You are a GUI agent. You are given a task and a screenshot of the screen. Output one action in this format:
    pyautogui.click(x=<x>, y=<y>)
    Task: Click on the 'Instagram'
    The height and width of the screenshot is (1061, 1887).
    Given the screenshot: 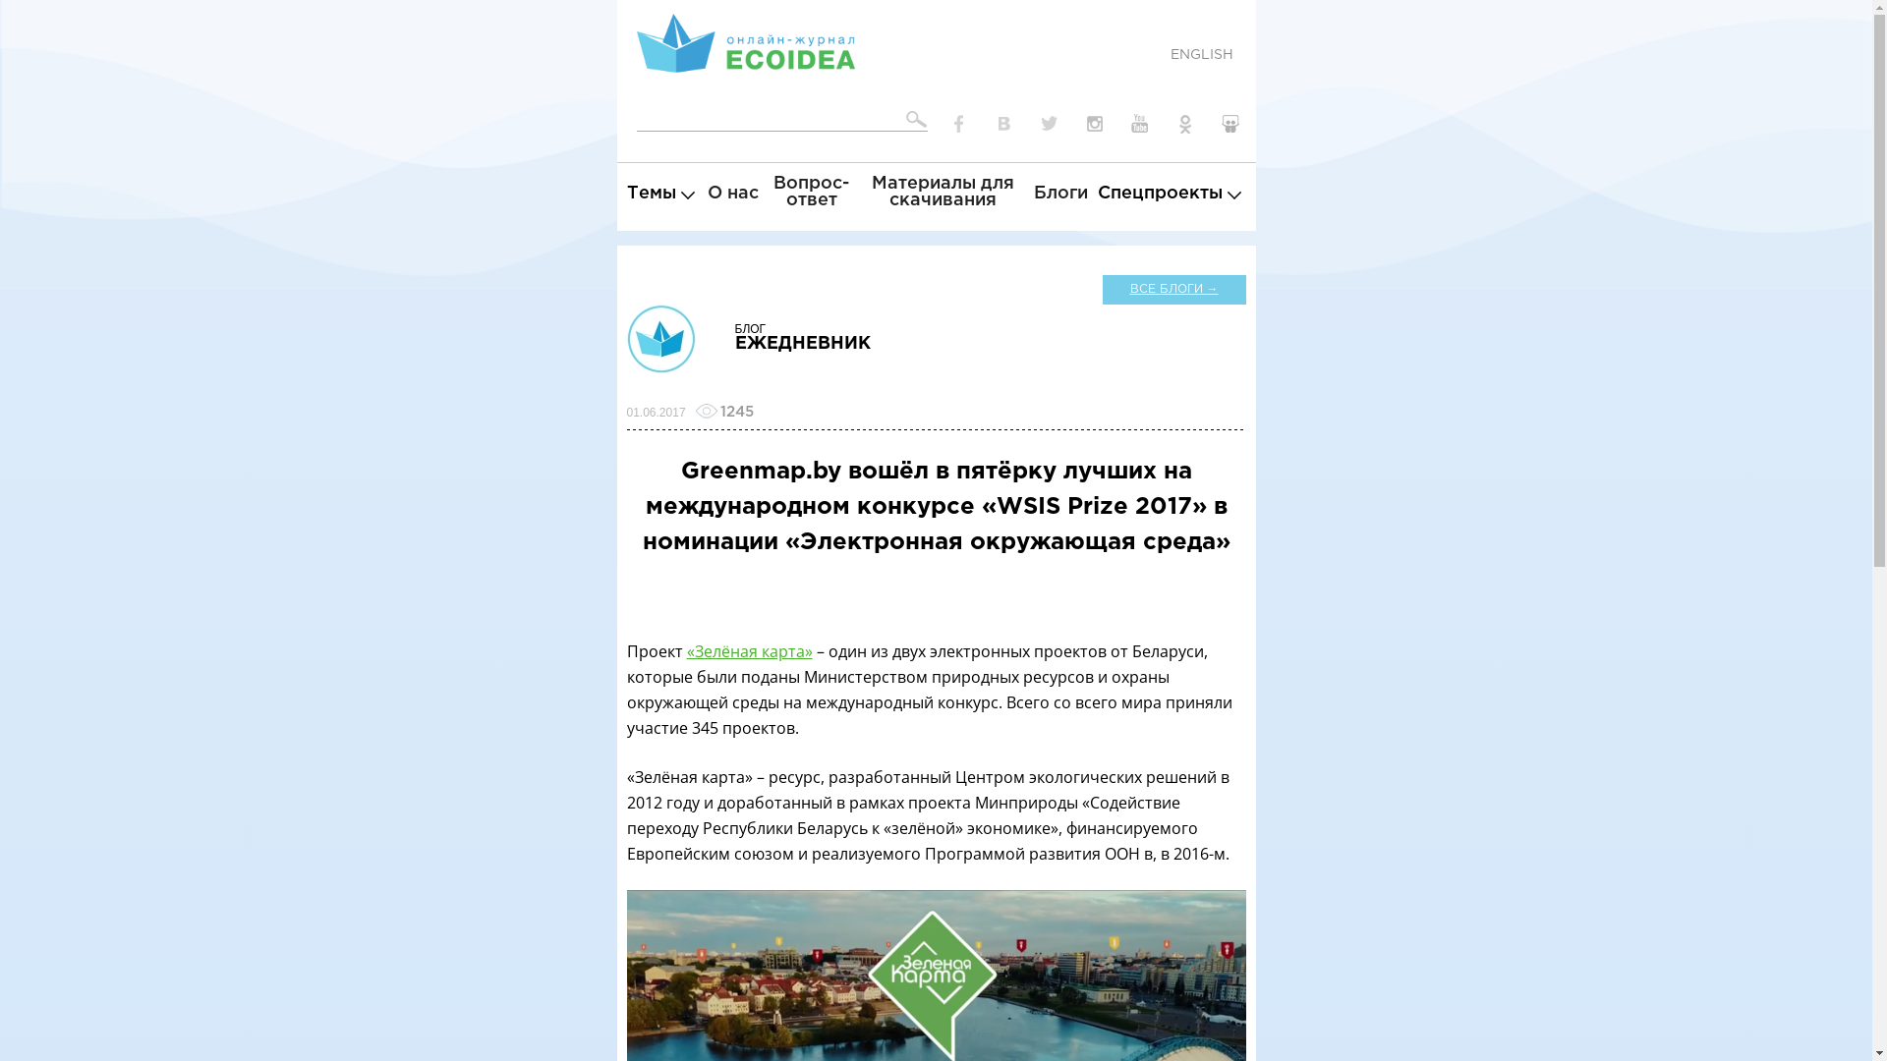 What is the action you would take?
    pyautogui.click(x=1093, y=124)
    